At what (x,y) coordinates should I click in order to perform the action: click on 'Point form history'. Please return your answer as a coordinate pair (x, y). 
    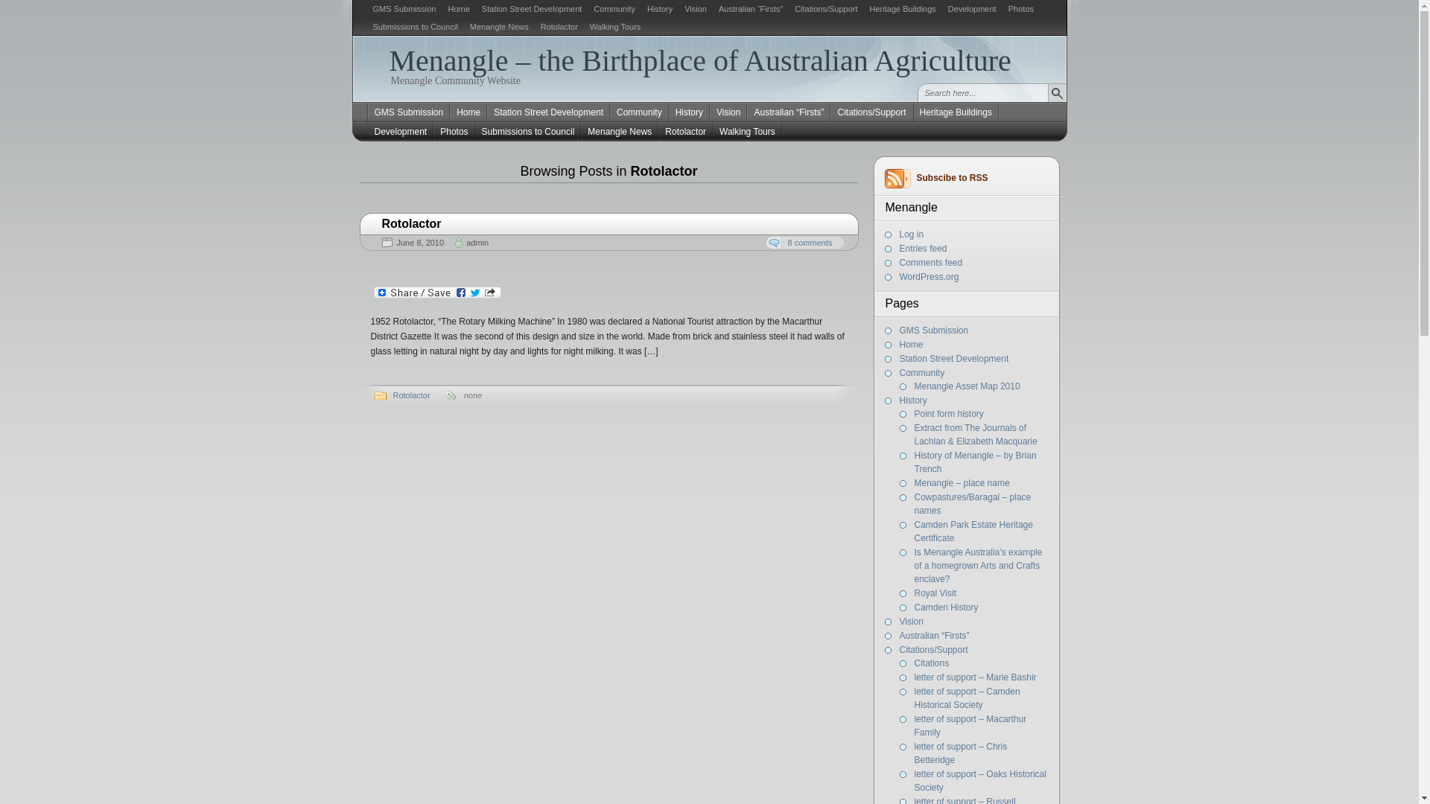
    Looking at the image, I should click on (948, 413).